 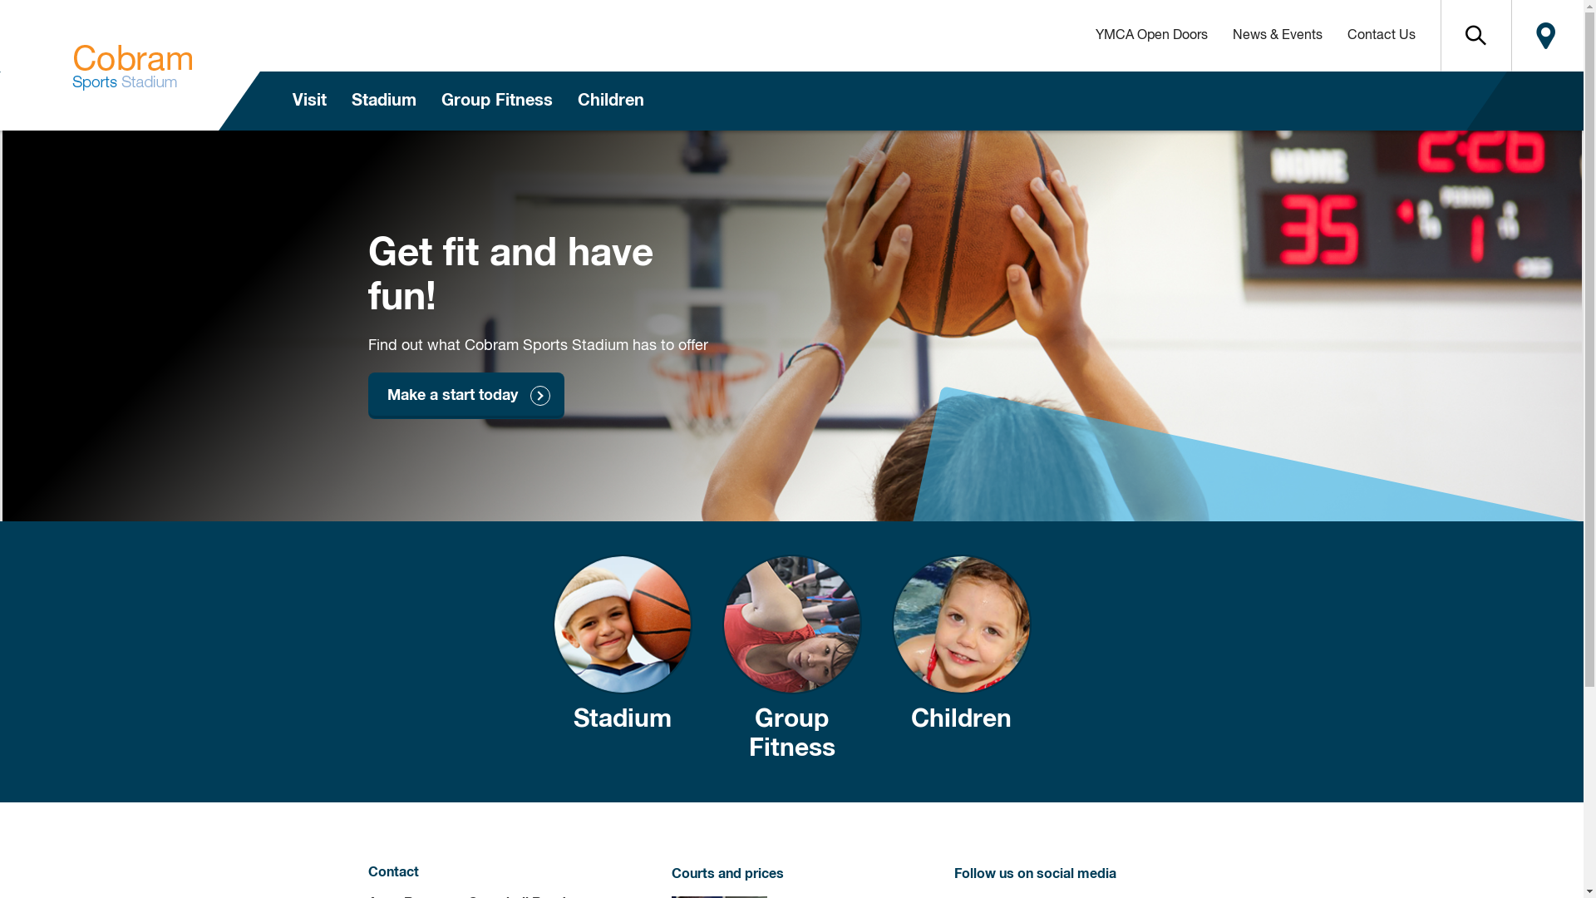 I want to click on 'Locate', so click(x=1545, y=35).